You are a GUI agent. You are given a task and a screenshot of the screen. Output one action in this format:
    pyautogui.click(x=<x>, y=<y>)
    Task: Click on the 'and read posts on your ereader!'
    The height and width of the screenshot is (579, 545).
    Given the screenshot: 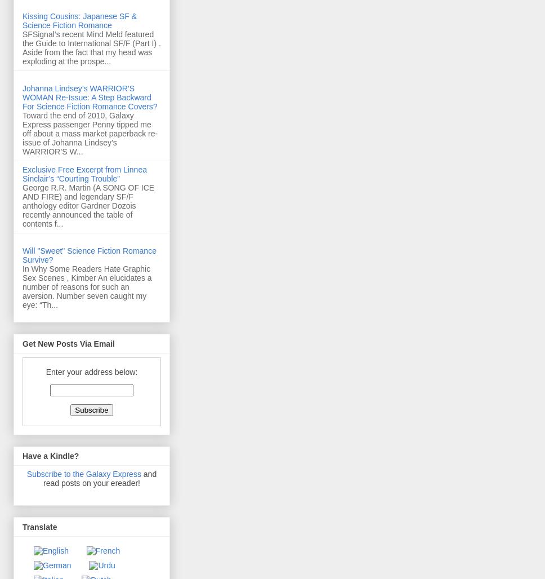 What is the action you would take?
    pyautogui.click(x=100, y=479)
    